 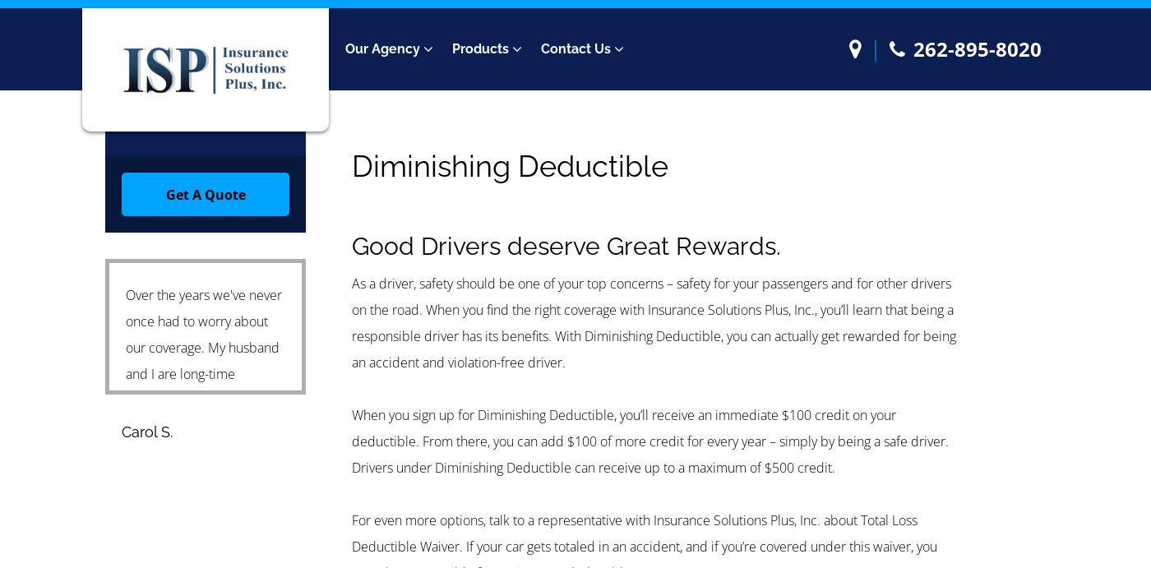 What do you see at coordinates (510, 164) in the screenshot?
I see `'Diminishing Deductible'` at bounding box center [510, 164].